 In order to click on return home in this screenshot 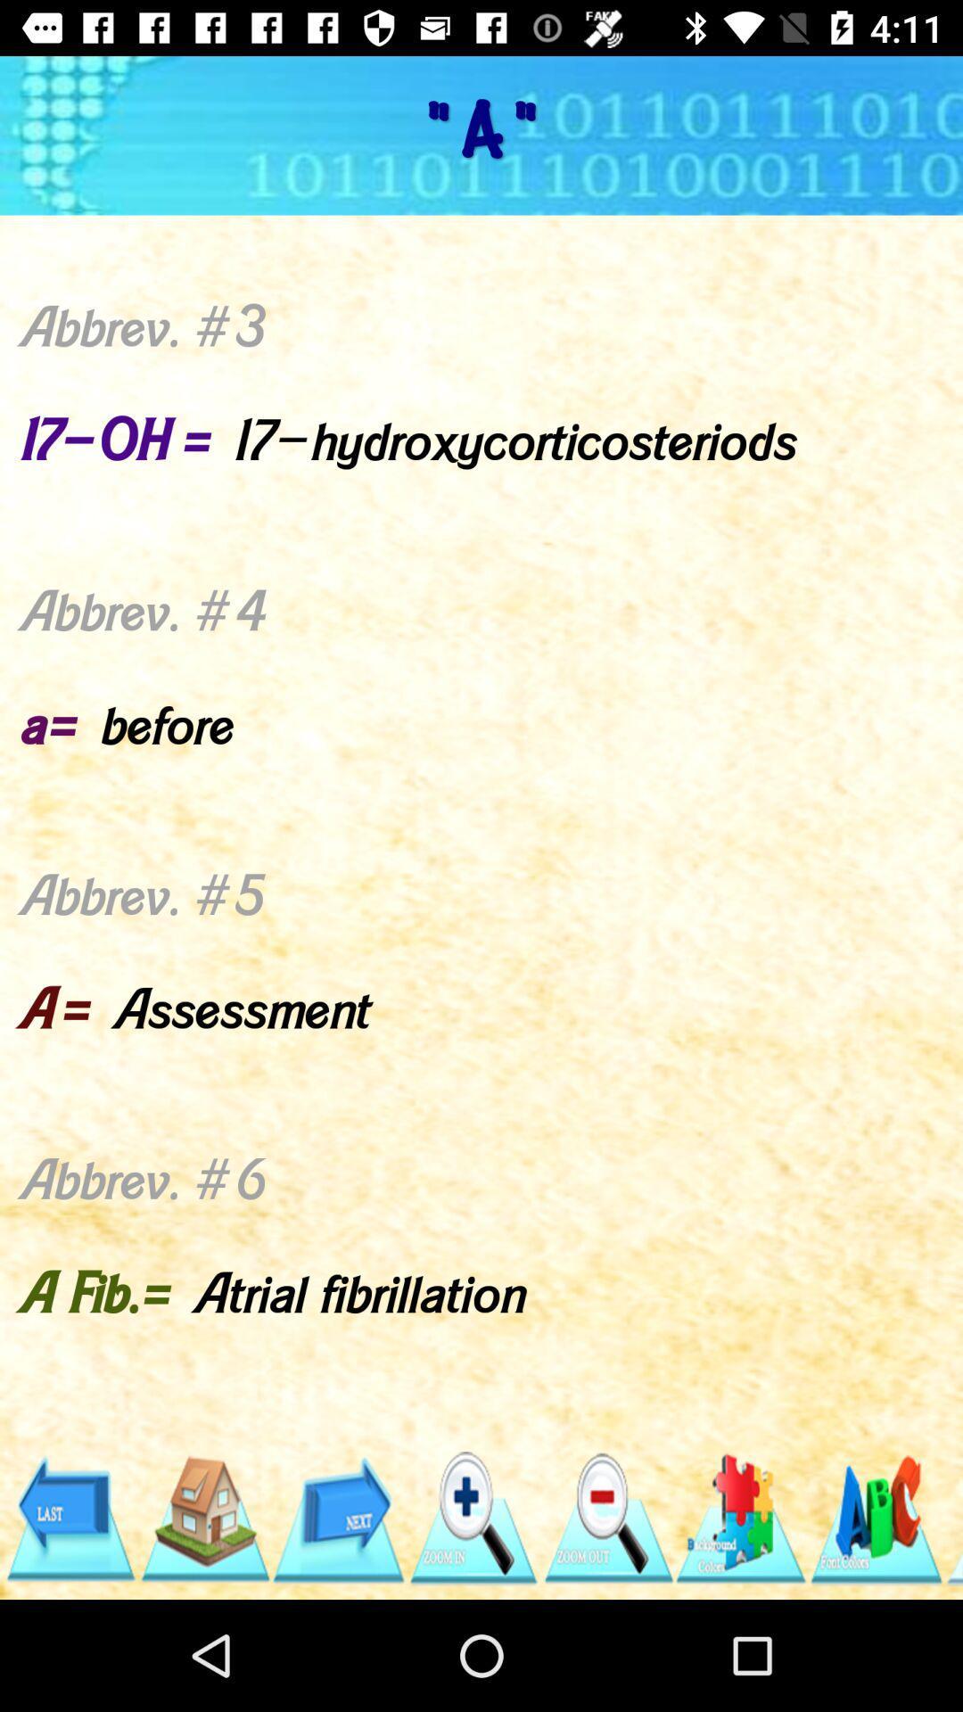, I will do `click(203, 1518)`.